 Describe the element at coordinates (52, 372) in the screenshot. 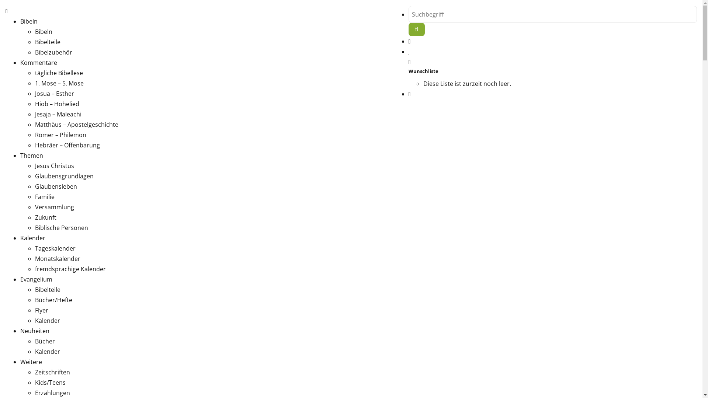

I see `'Zeitschriften'` at that location.